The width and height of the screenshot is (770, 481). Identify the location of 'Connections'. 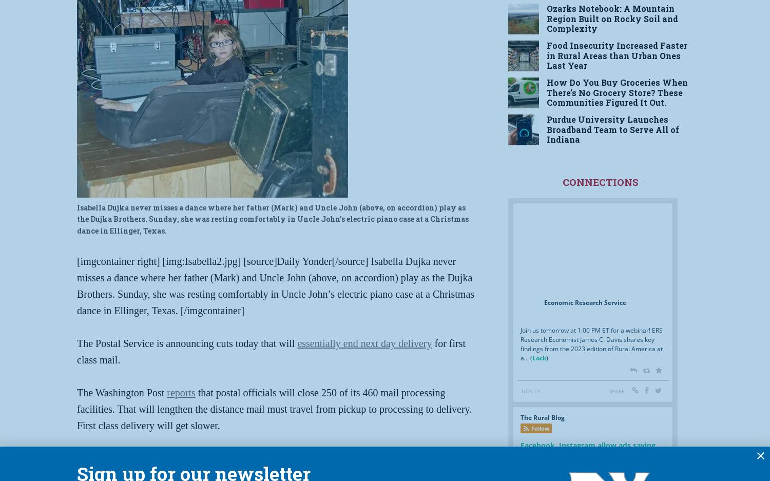
(601, 182).